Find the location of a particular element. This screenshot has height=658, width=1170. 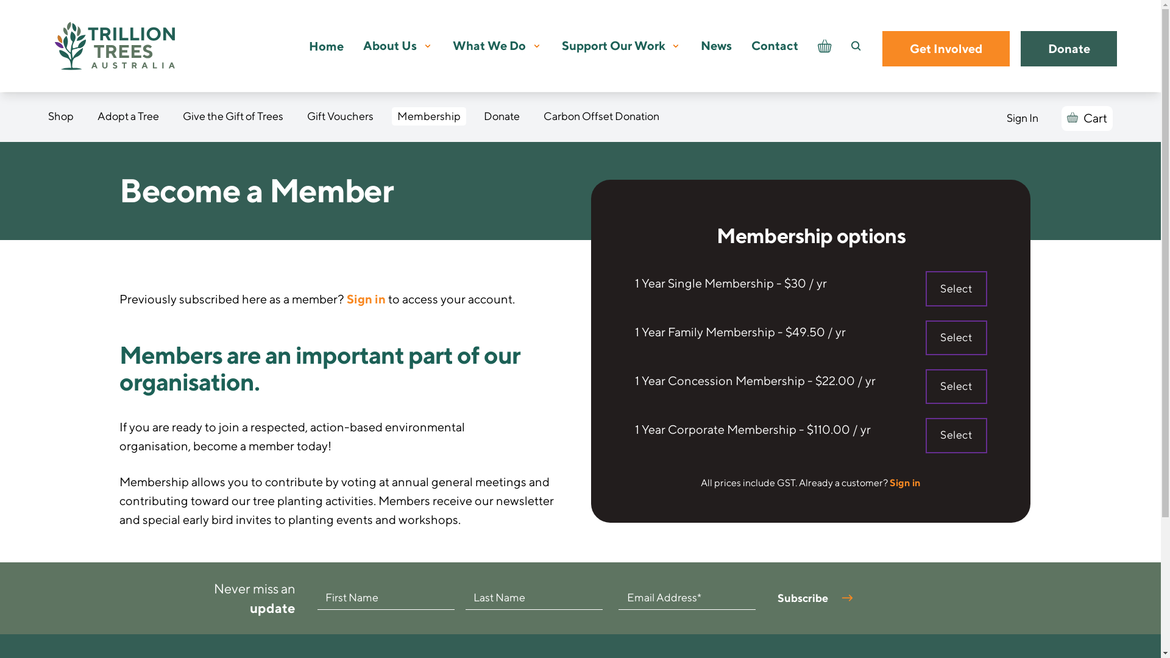

'Carbon Offset Donation' is located at coordinates (537, 116).